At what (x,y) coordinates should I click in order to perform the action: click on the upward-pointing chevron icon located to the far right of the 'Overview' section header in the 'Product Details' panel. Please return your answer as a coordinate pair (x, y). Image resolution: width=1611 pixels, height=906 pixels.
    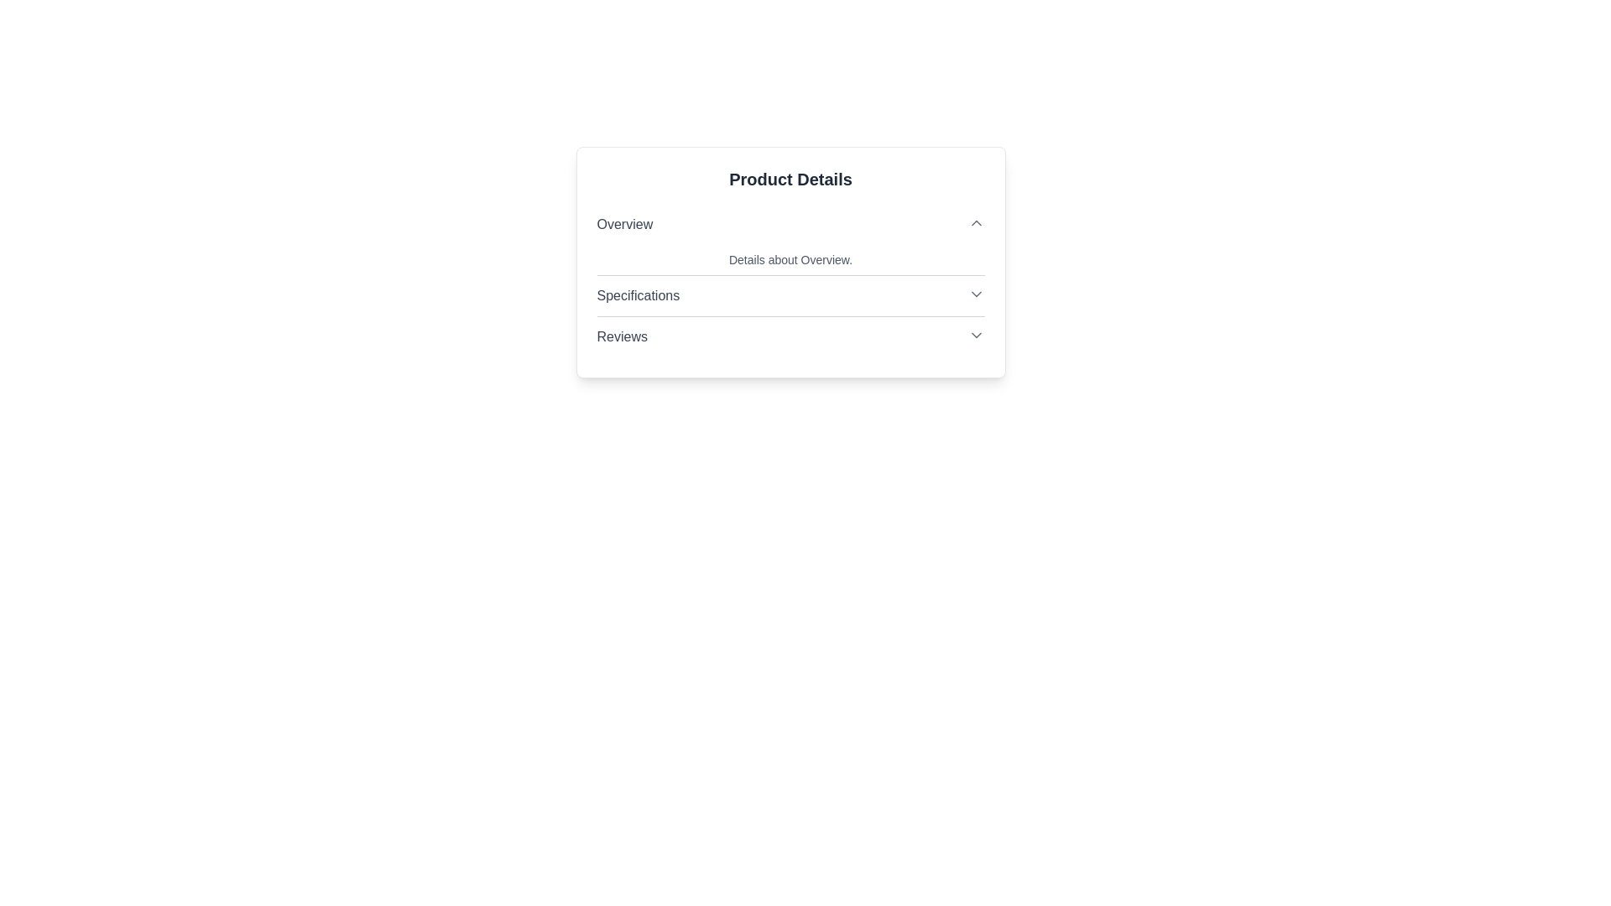
    Looking at the image, I should click on (976, 222).